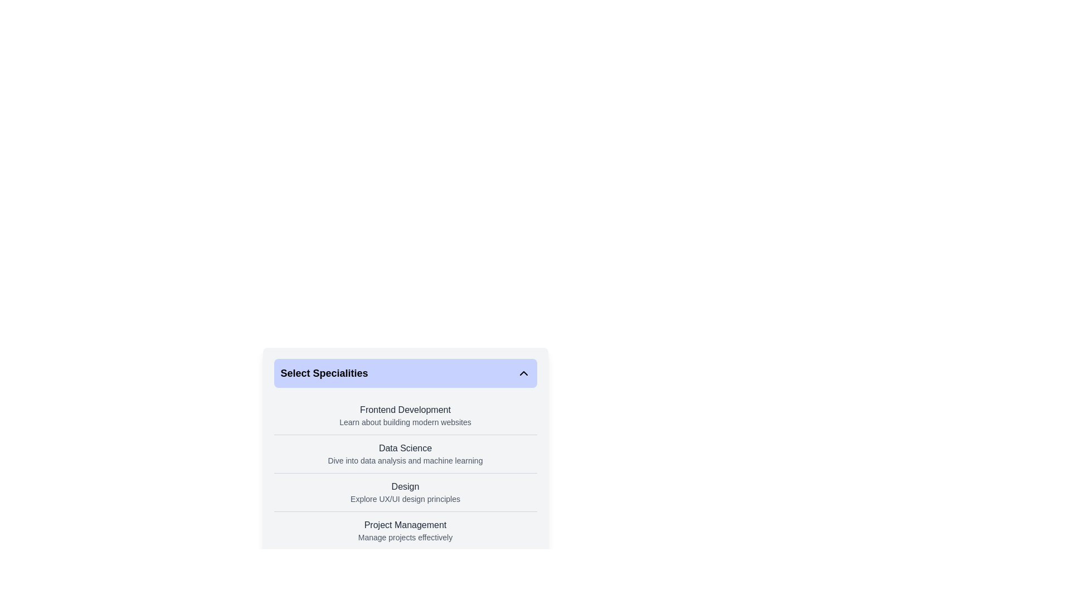  Describe the element at coordinates (324, 373) in the screenshot. I see `the bold label reading 'Select Specialities' which is located on a light purple rounded rectangle background` at that location.